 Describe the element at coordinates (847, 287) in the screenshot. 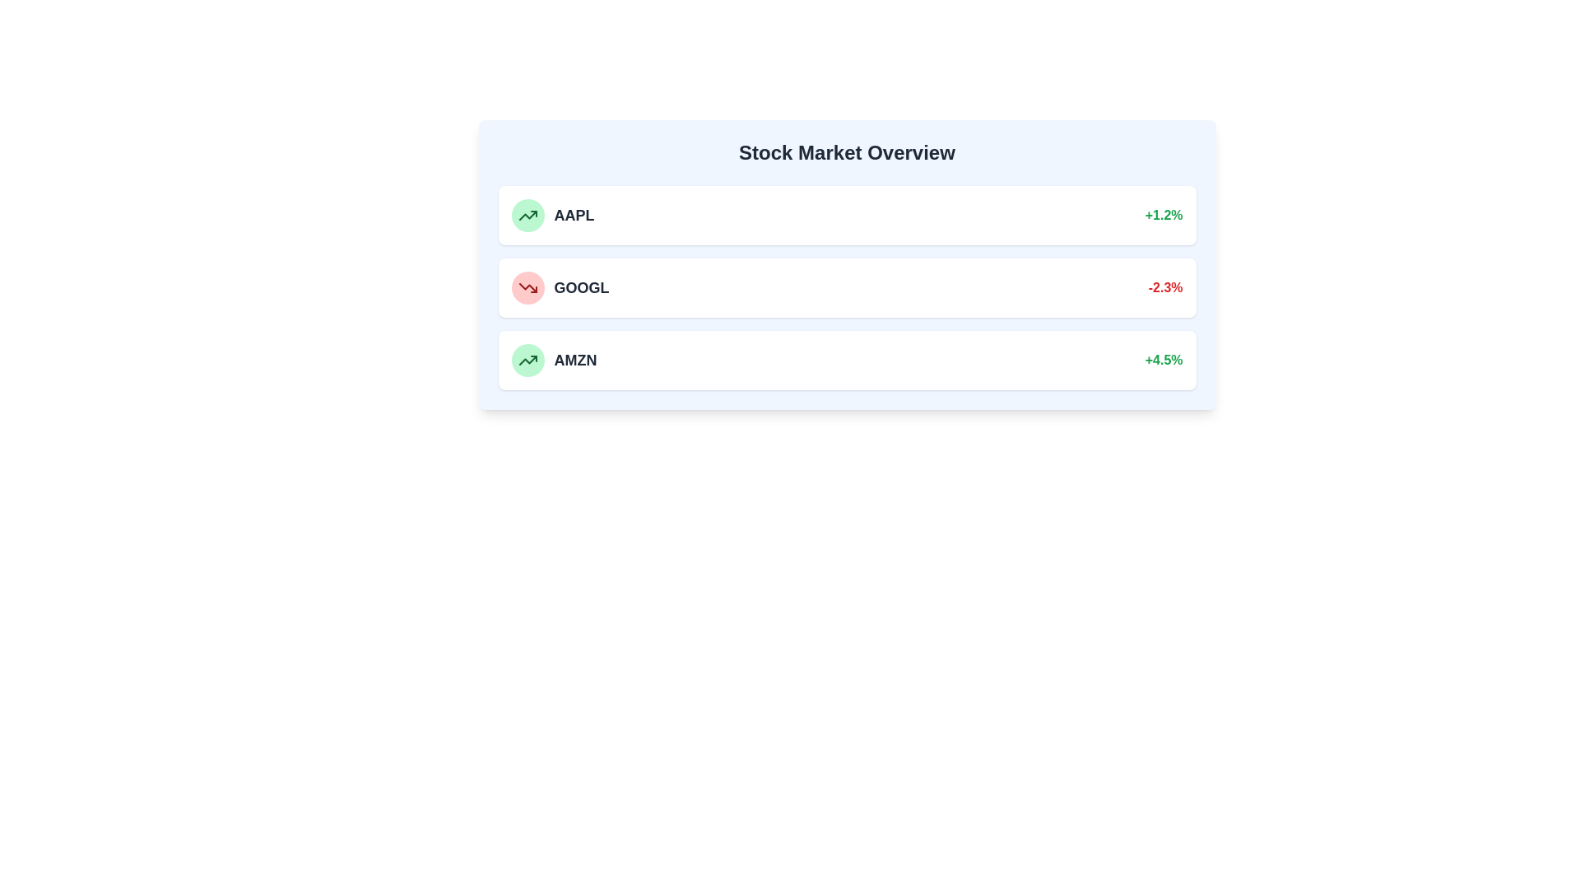

I see `the stock entry for GOOGL` at that location.